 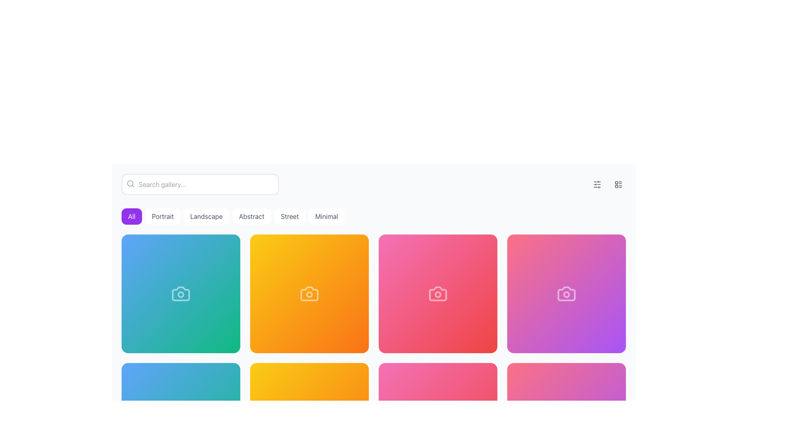 What do you see at coordinates (180, 295) in the screenshot?
I see `the small circular dot inside the top half of the camera icon, which is visually represented as a Circular SVG graphical element` at bounding box center [180, 295].